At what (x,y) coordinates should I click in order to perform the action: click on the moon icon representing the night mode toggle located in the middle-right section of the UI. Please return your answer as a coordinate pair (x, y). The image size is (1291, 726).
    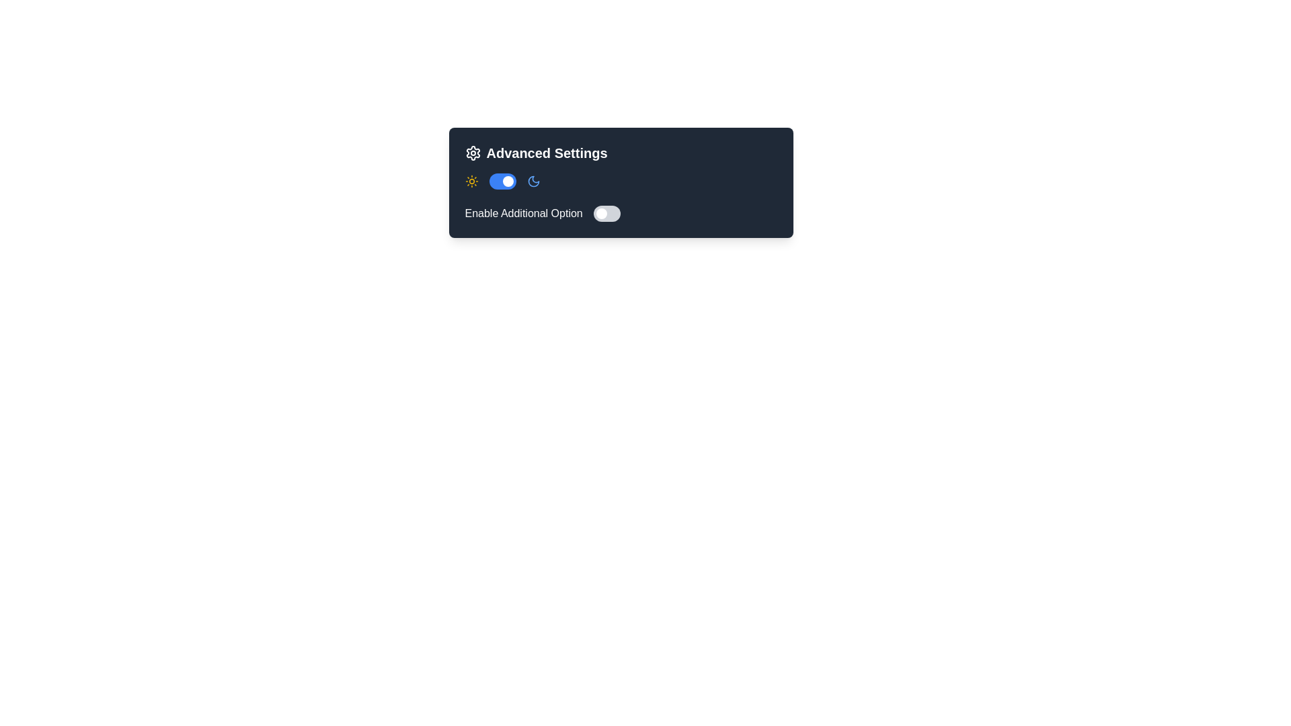
    Looking at the image, I should click on (533, 182).